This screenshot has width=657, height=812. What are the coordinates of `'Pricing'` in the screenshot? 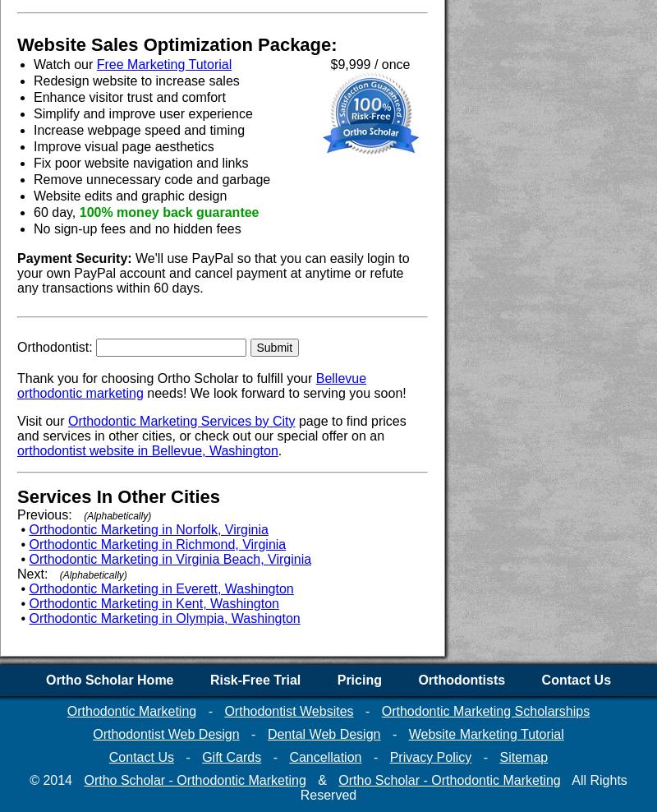 It's located at (336, 680).